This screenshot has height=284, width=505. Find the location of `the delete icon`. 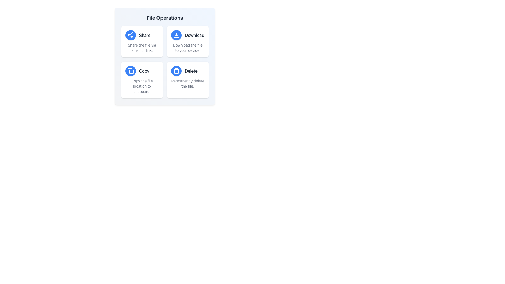

the delete icon is located at coordinates (176, 71).